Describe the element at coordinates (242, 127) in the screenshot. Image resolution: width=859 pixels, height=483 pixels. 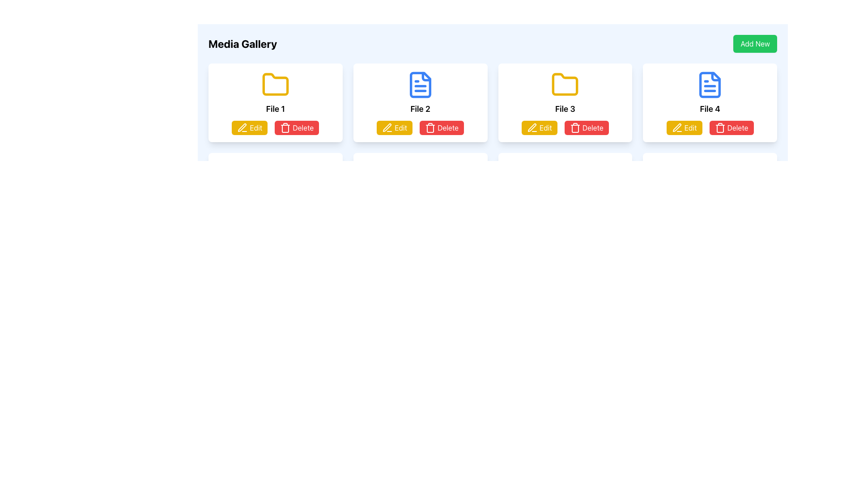
I see `the pencil icon with a yellow background that represents the 'Edit' button located under the 'File 1' card in the first column of the media gallery grid` at that location.